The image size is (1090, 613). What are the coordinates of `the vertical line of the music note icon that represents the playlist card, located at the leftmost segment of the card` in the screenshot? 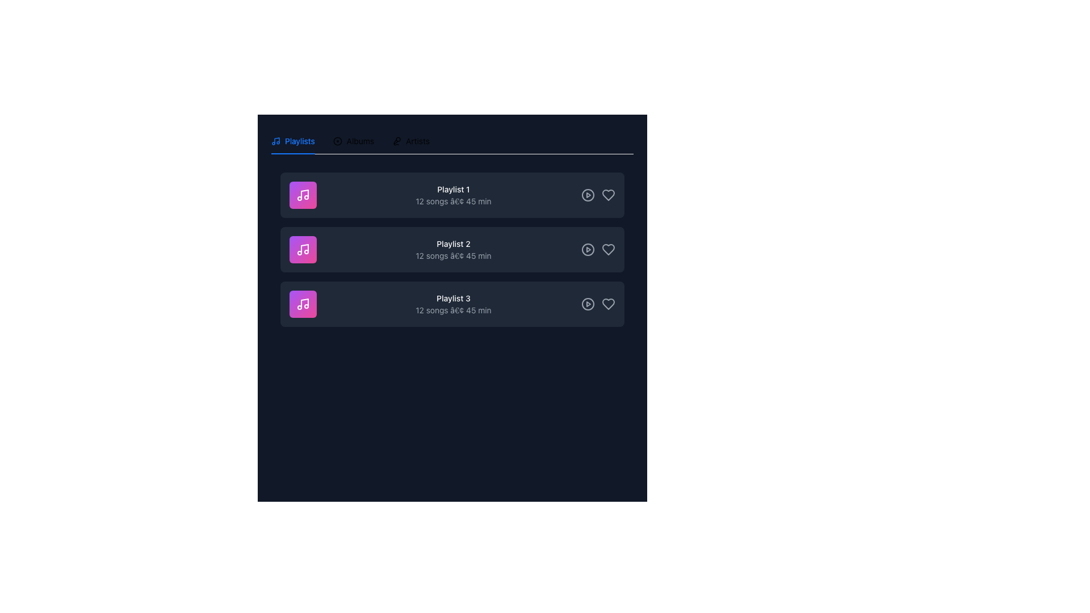 It's located at (305, 303).